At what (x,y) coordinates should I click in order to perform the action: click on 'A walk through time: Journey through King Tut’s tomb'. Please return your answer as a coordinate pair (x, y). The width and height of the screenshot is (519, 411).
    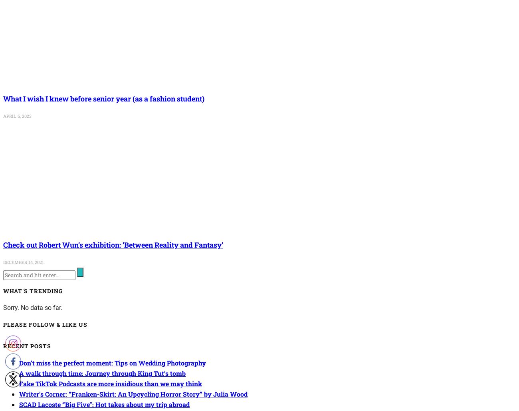
    Looking at the image, I should click on (102, 373).